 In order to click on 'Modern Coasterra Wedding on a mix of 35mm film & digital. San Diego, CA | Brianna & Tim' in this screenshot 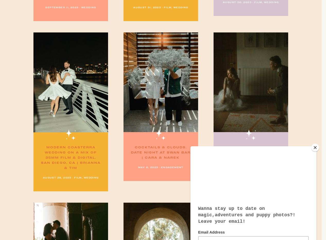, I will do `click(71, 157)`.